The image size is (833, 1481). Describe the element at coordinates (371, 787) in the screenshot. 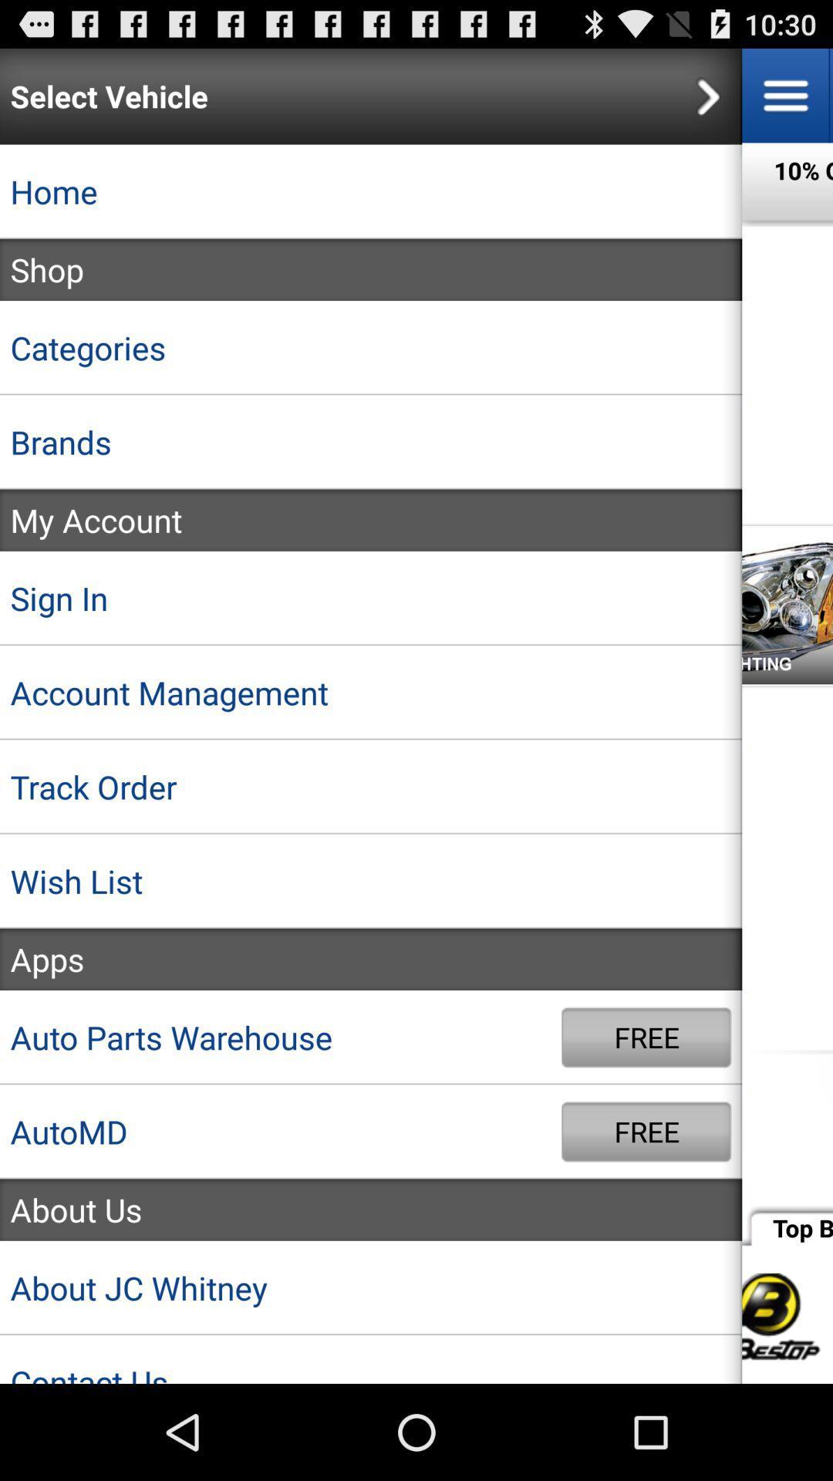

I see `track order` at that location.